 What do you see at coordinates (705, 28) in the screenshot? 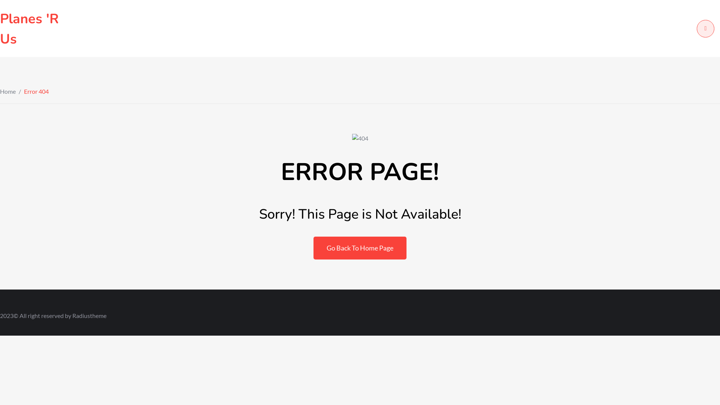
I see `'Login/Register'` at bounding box center [705, 28].